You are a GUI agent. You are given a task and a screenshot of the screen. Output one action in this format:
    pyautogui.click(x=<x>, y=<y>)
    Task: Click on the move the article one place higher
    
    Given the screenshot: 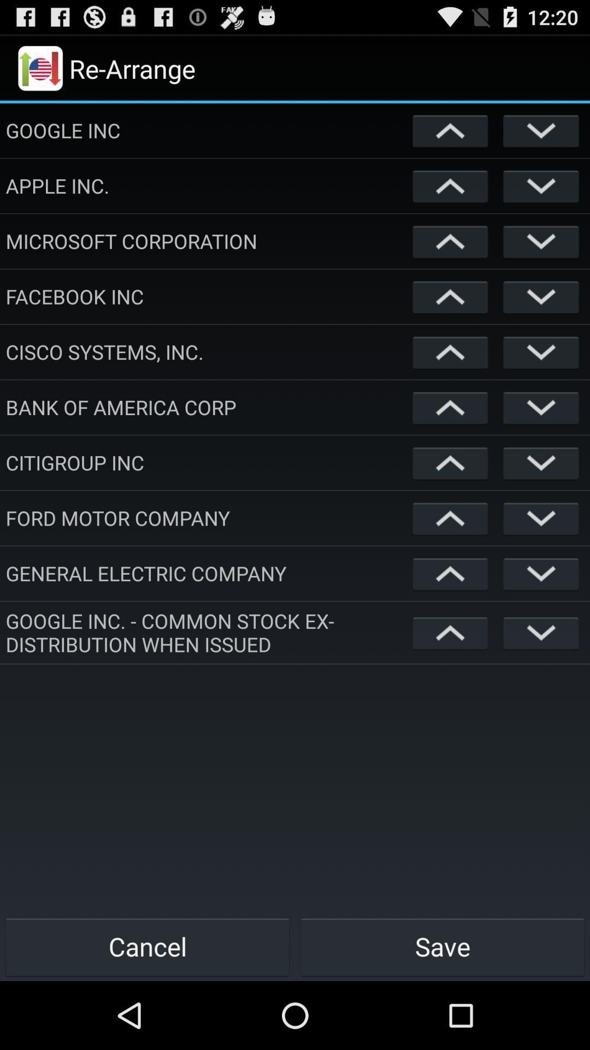 What is the action you would take?
    pyautogui.click(x=450, y=632)
    